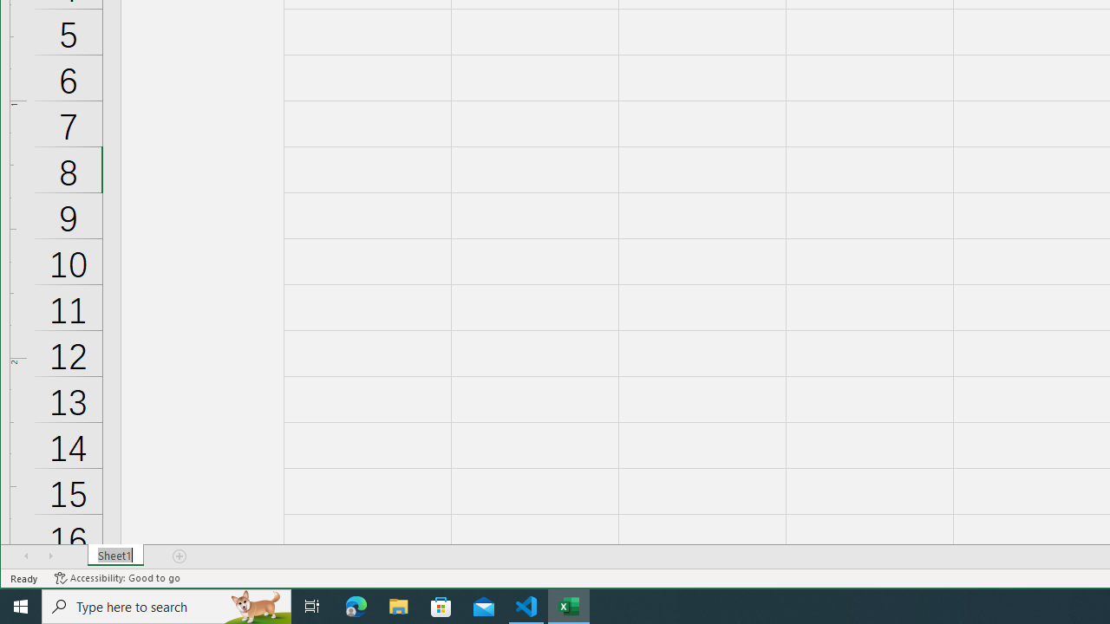  Describe the element at coordinates (398, 605) in the screenshot. I see `'File Explorer'` at that location.